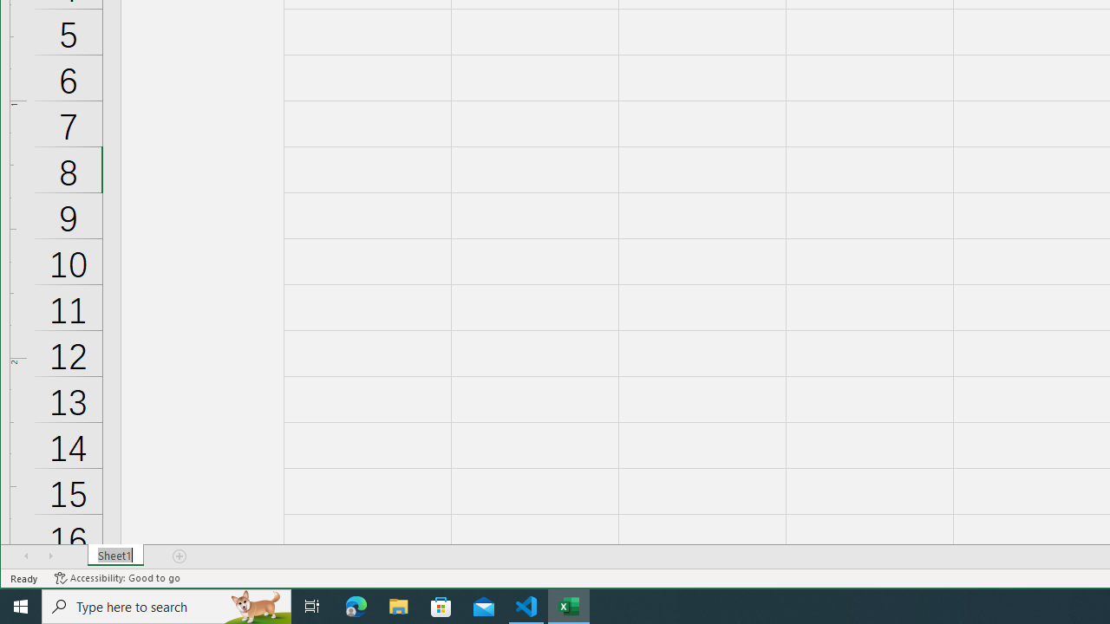  Describe the element at coordinates (398, 605) in the screenshot. I see `'File Explorer'` at that location.